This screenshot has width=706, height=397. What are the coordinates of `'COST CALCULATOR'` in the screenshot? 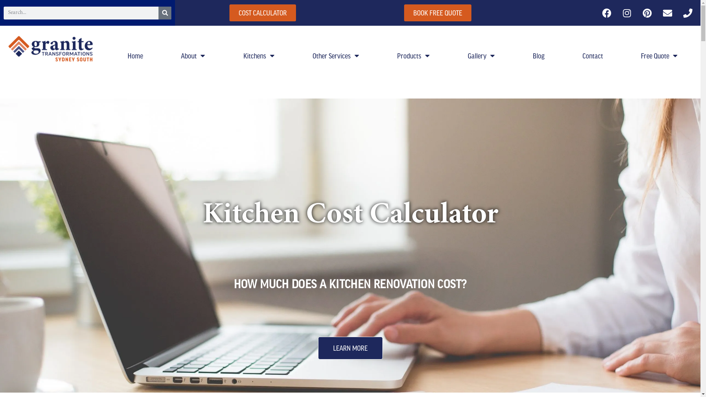 It's located at (263, 12).